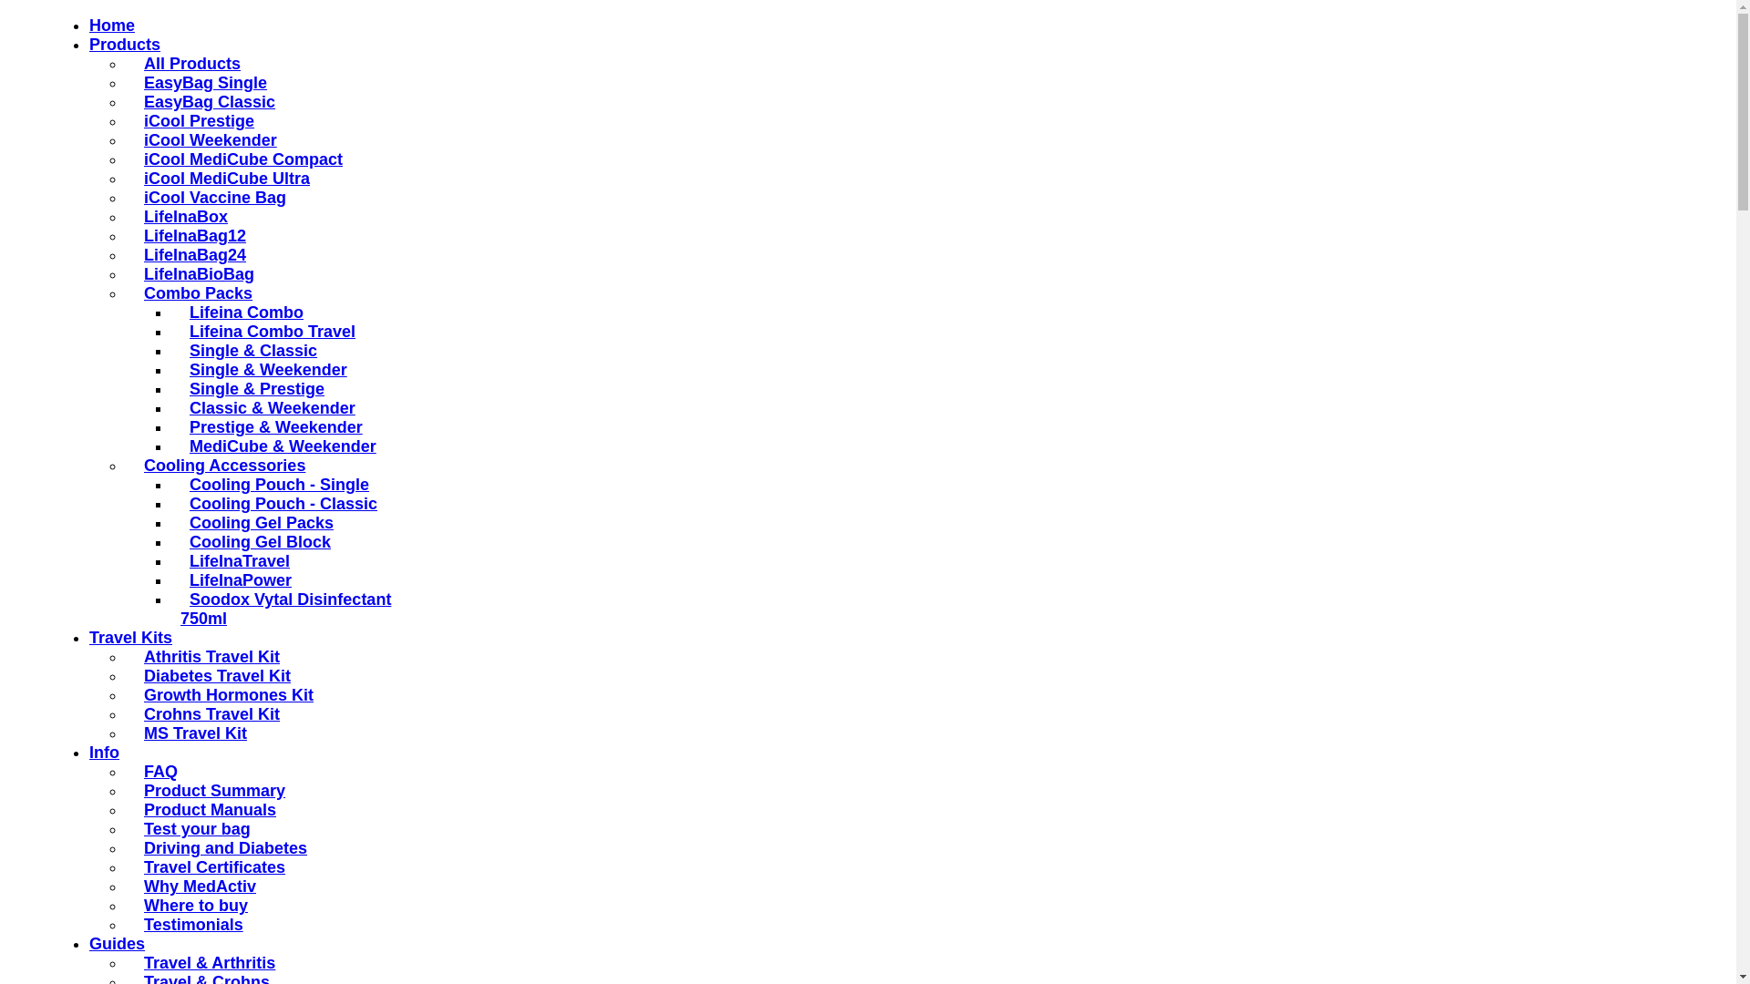  What do you see at coordinates (205, 139) in the screenshot?
I see `'iCool Weekender'` at bounding box center [205, 139].